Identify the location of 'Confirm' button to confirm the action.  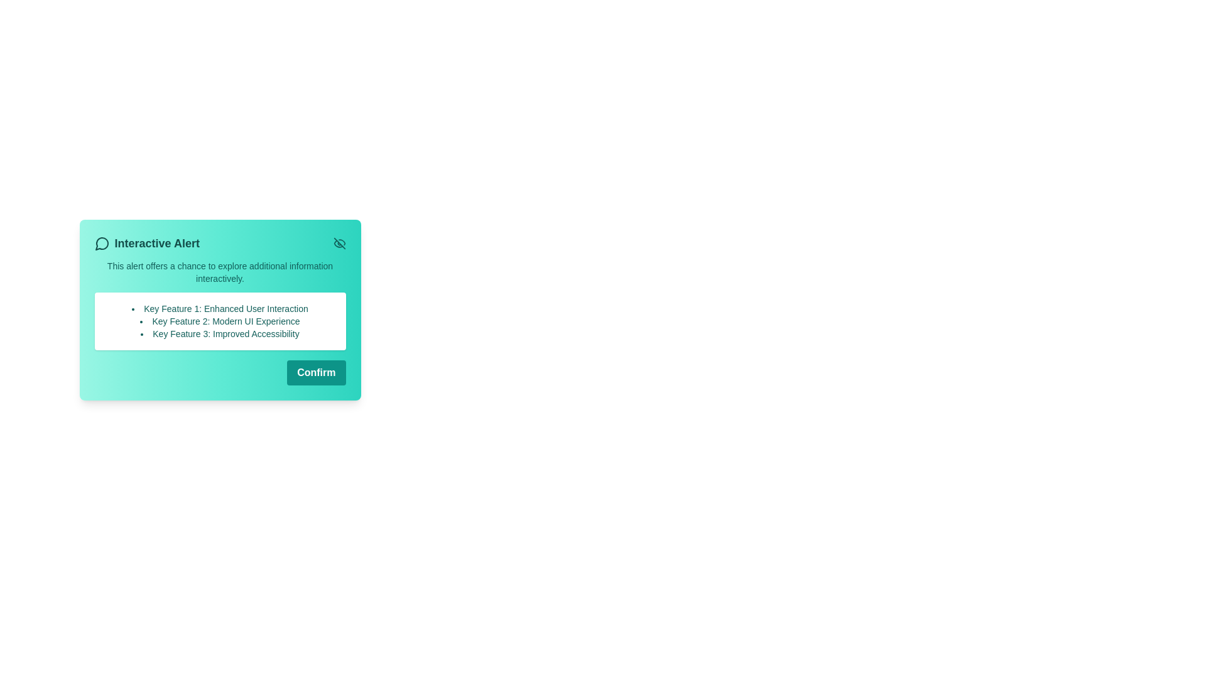
(316, 372).